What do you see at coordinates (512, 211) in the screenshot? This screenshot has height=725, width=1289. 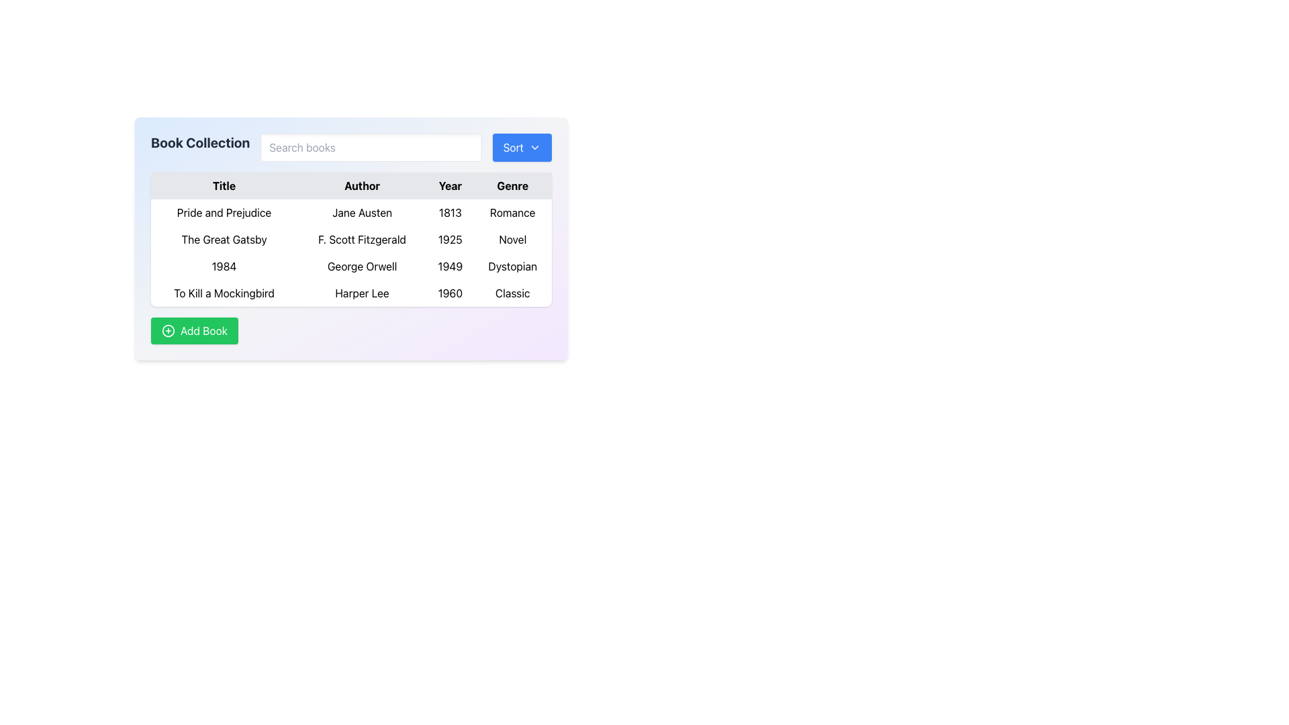 I see `the text label displaying 'Romance' in the fourth column labeled 'Genre' of the first row of a table` at bounding box center [512, 211].